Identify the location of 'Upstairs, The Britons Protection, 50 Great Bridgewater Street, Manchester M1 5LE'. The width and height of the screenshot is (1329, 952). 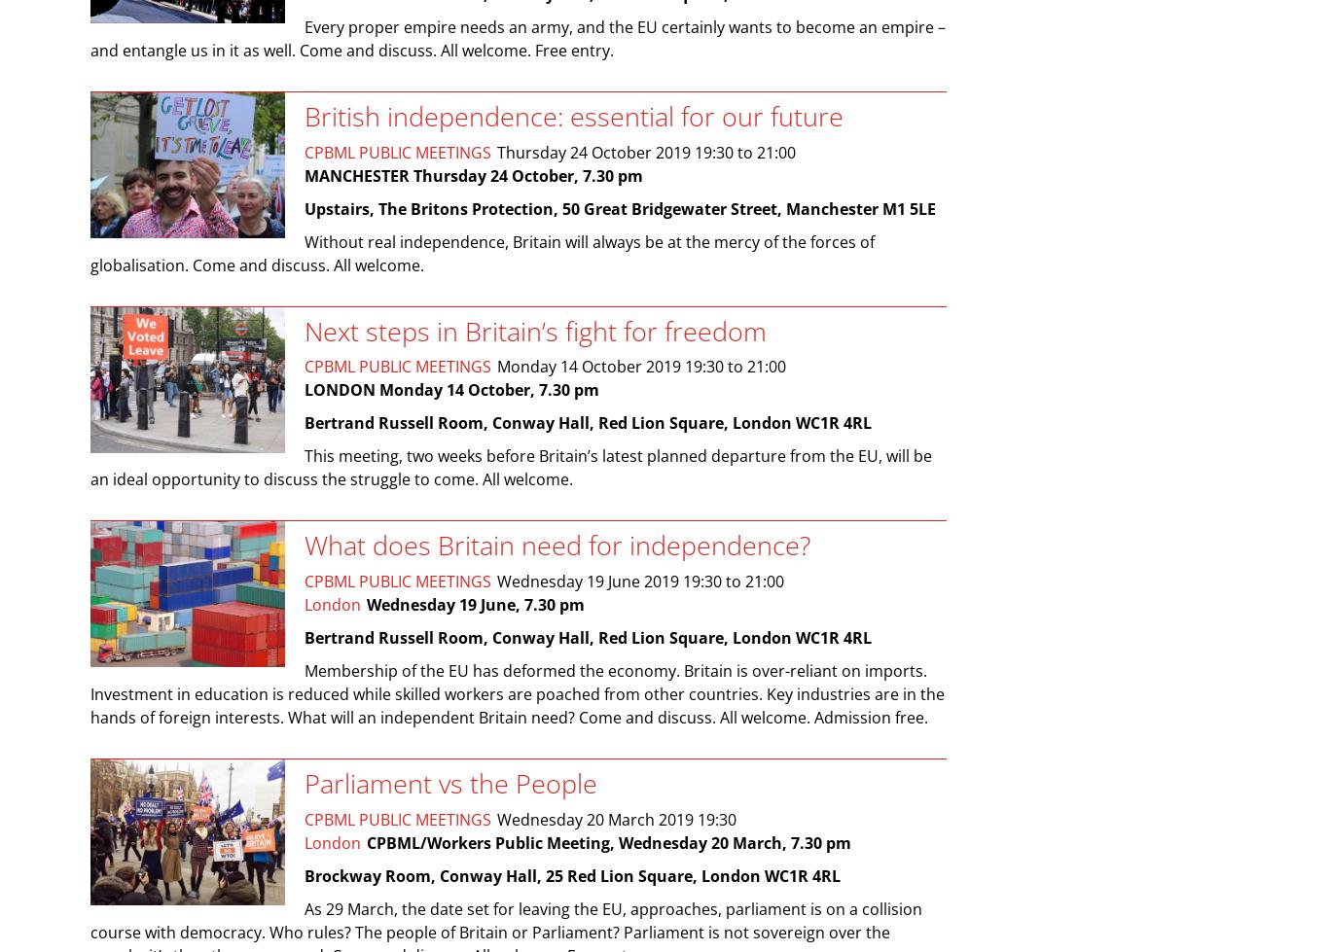
(619, 208).